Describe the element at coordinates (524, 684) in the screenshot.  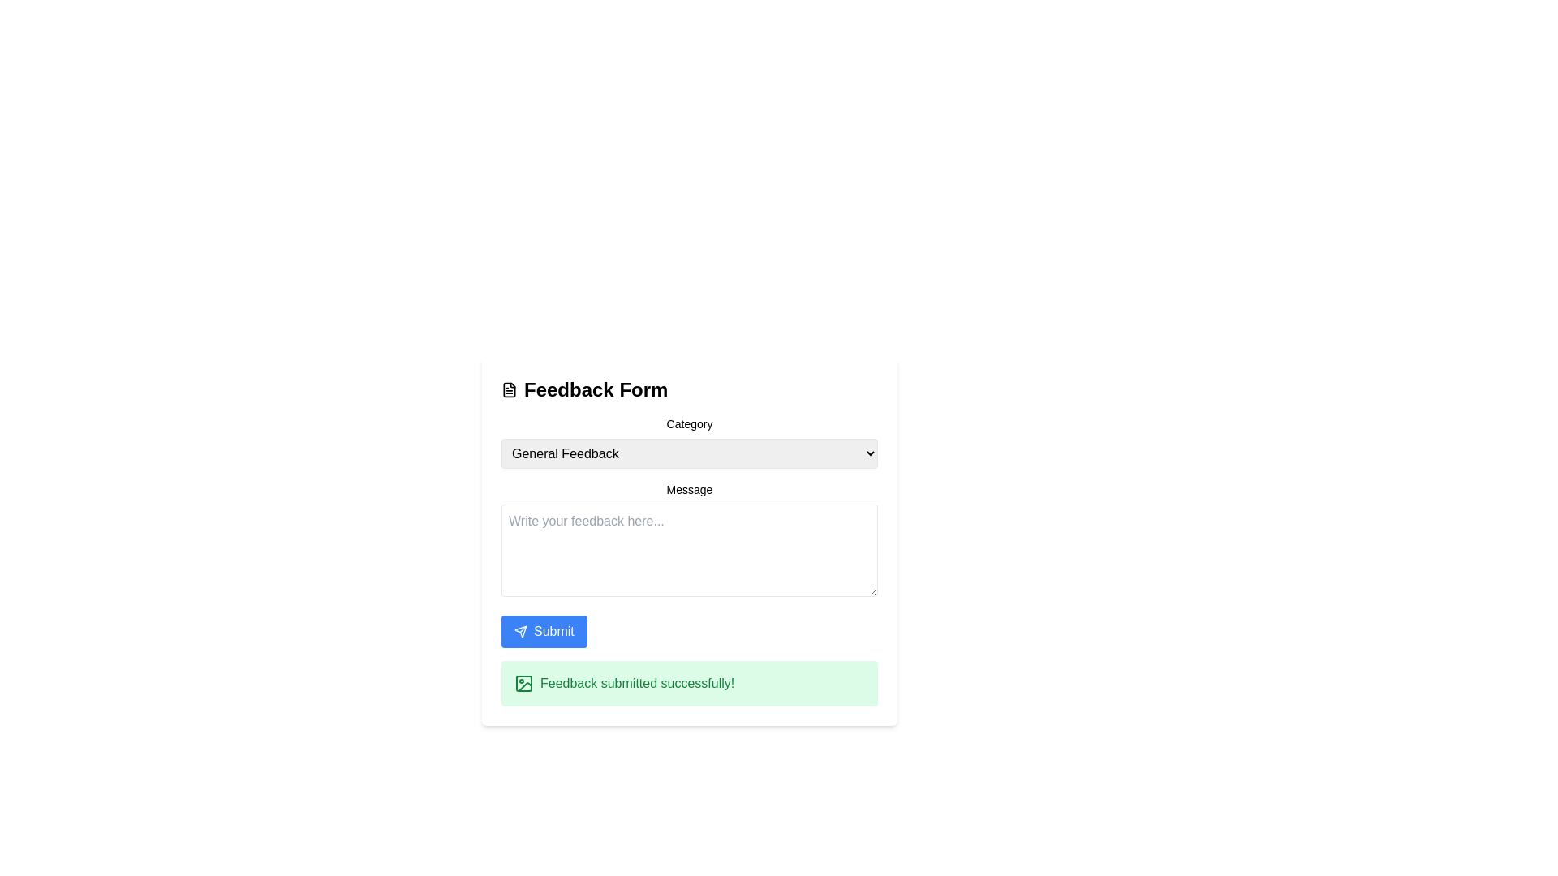
I see `the green rectangular icon with rounded edges located within the notification box below the 'Feedback submitted successfully!' message` at that location.